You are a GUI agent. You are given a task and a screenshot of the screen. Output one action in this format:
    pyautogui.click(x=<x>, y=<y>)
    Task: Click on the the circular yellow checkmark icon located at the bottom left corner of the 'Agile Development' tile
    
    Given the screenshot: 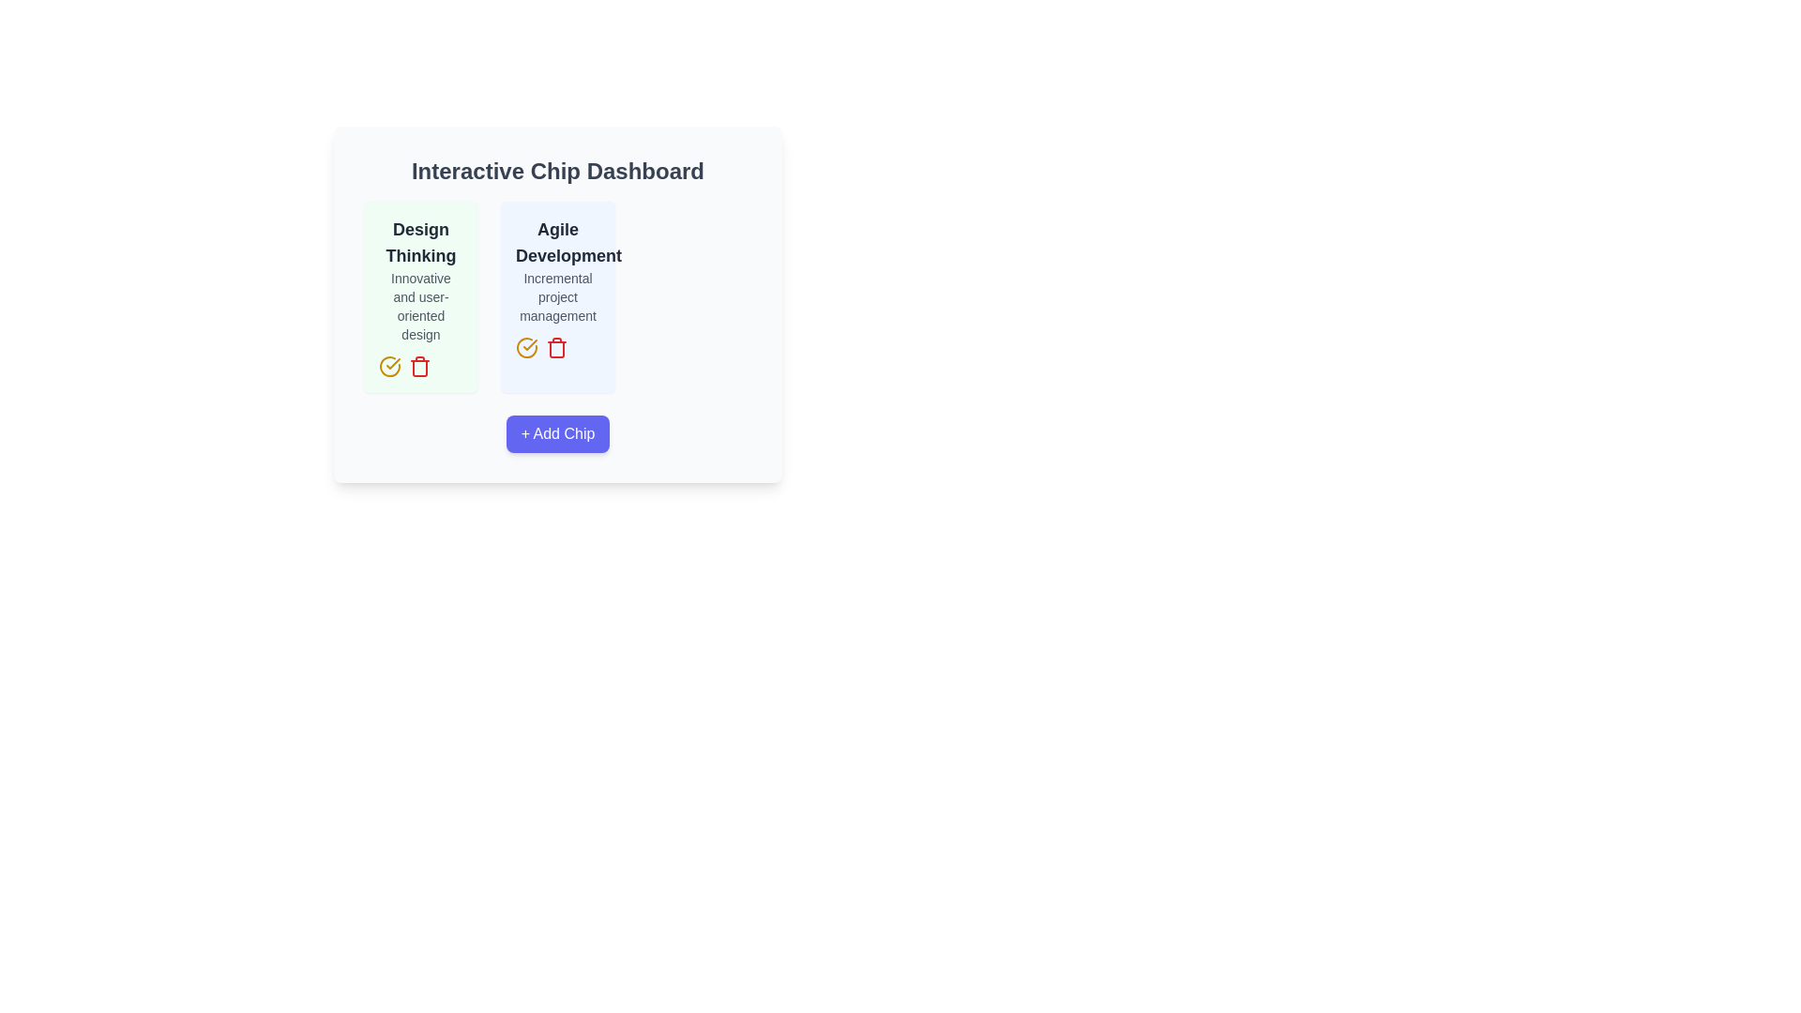 What is the action you would take?
    pyautogui.click(x=525, y=347)
    